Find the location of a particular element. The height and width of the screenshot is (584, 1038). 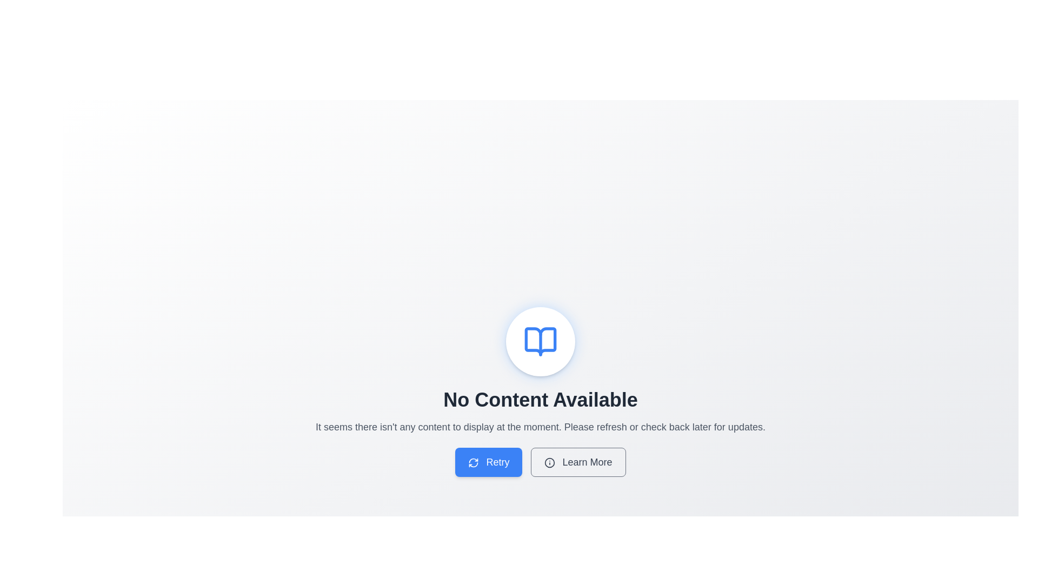

the 'Learn More' button, which is a rectangular button with gray border and contains the text 'Learn More' along with an information icon on its left is located at coordinates (578, 462).